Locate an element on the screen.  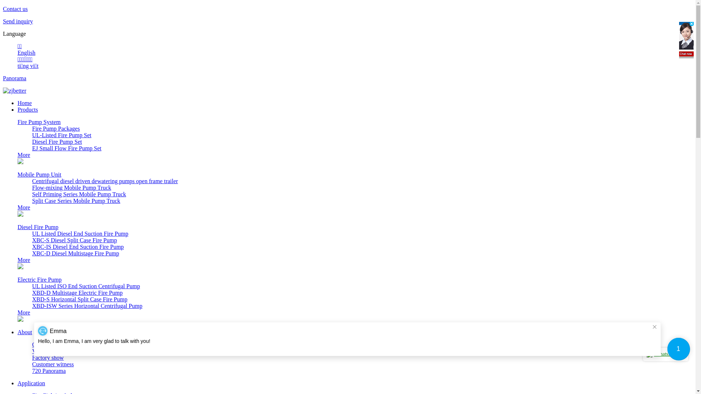
'Application' is located at coordinates (31, 383).